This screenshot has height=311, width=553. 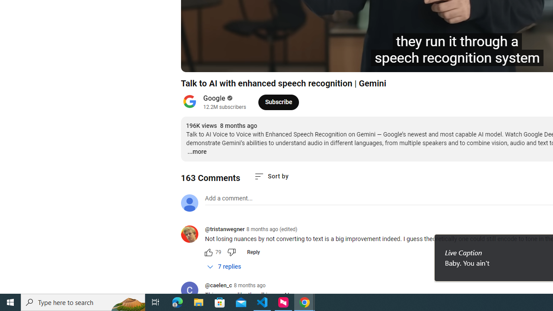 I want to click on '@caelen_c', so click(x=218, y=286).